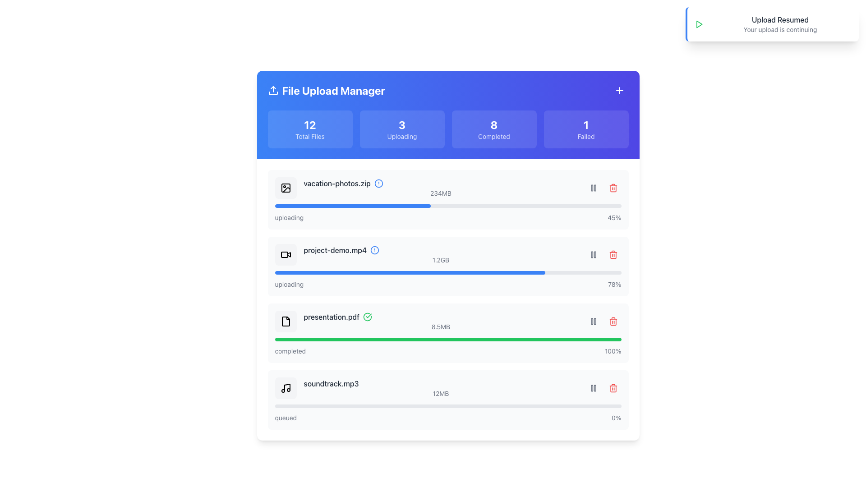 This screenshot has width=866, height=487. What do you see at coordinates (378, 183) in the screenshot?
I see `the status indicator circle for the file 'vacation-photos.zip', which is located in the first row after the icon and before the file size indicator` at bounding box center [378, 183].